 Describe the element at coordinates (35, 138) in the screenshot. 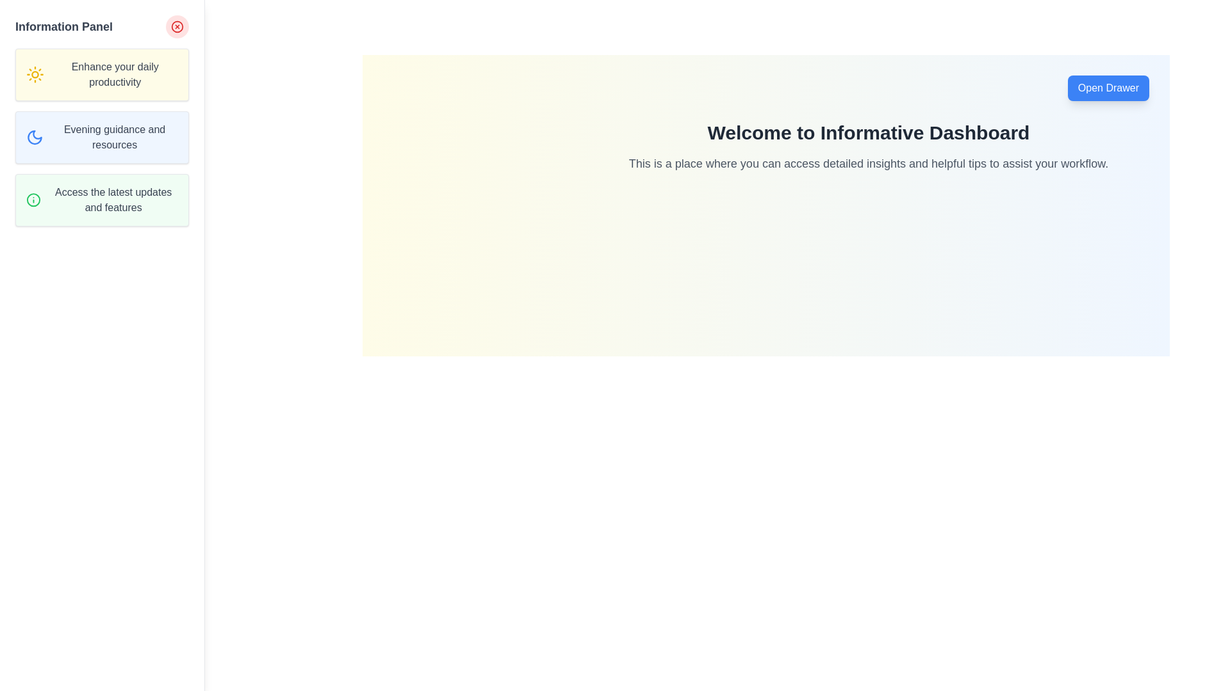

I see `the crescent moon icon representing the evening theme in the 'Evening guidance and resources' section` at that location.